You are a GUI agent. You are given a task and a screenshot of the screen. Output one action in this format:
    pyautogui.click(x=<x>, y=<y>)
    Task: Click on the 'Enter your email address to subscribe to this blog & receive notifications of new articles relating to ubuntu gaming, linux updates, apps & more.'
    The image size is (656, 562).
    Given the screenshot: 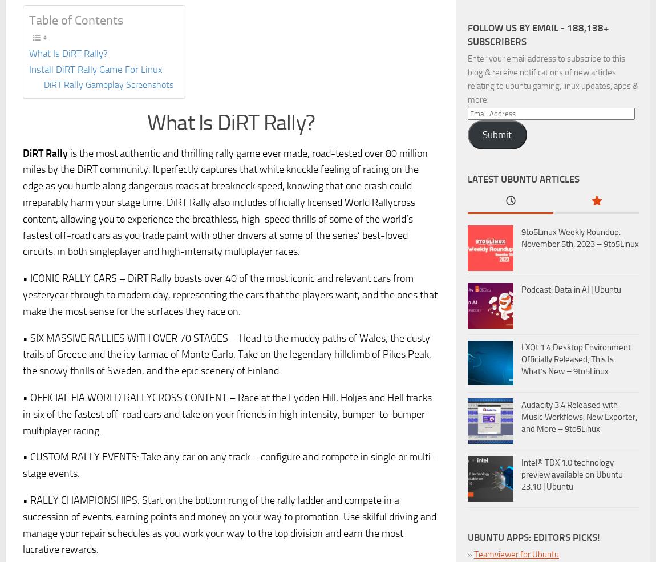 What is the action you would take?
    pyautogui.click(x=467, y=79)
    